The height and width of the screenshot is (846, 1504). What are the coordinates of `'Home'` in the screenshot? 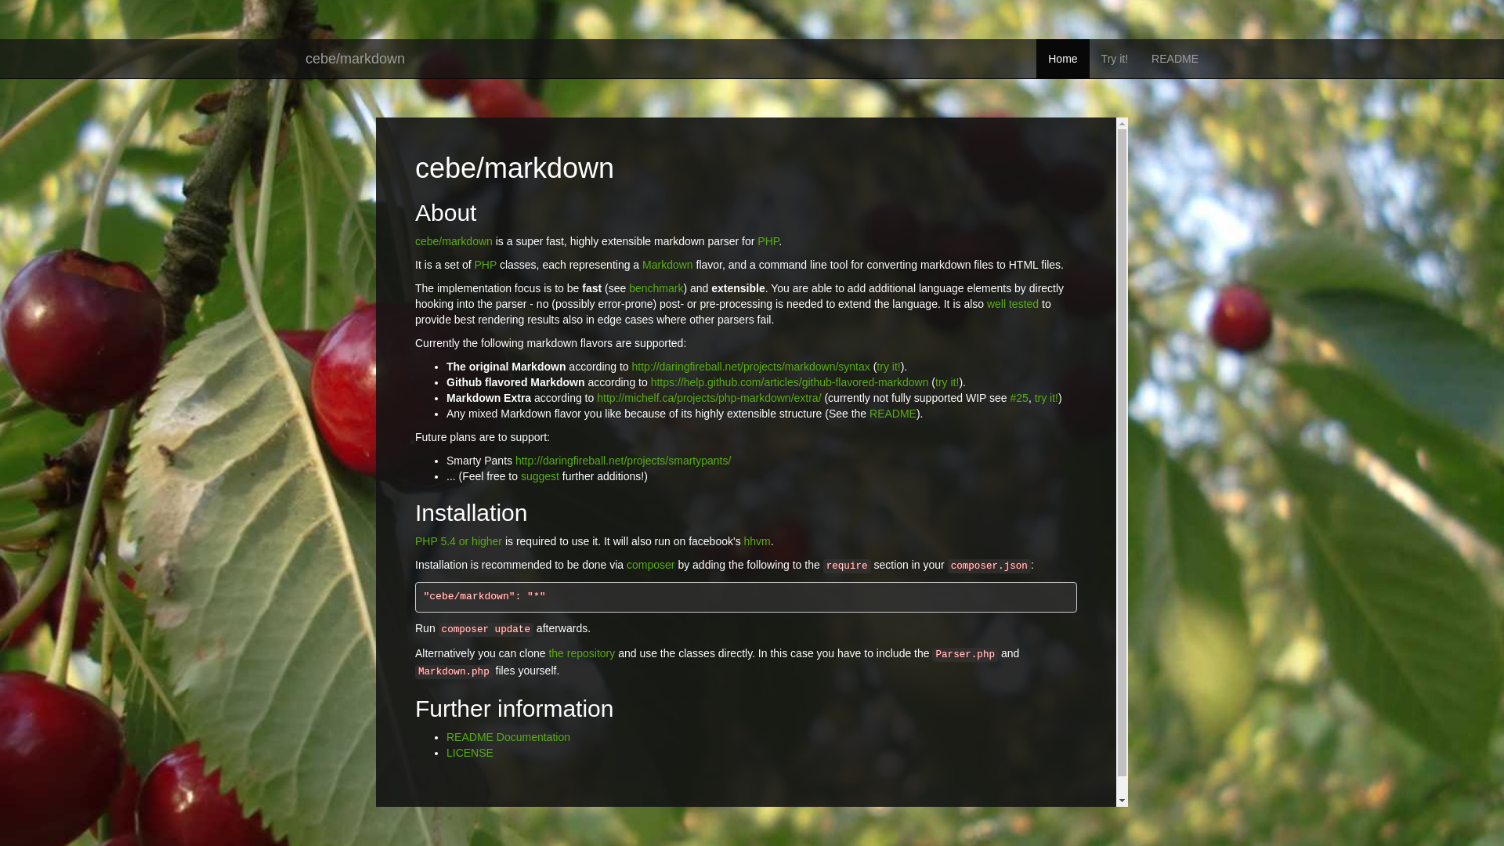 It's located at (1036, 57).